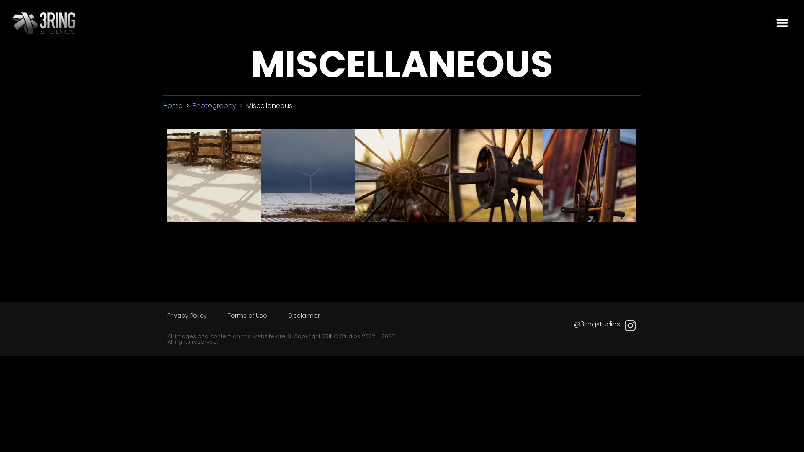 The width and height of the screenshot is (804, 452). What do you see at coordinates (596, 324) in the screenshot?
I see `'@3ringstudios'` at bounding box center [596, 324].